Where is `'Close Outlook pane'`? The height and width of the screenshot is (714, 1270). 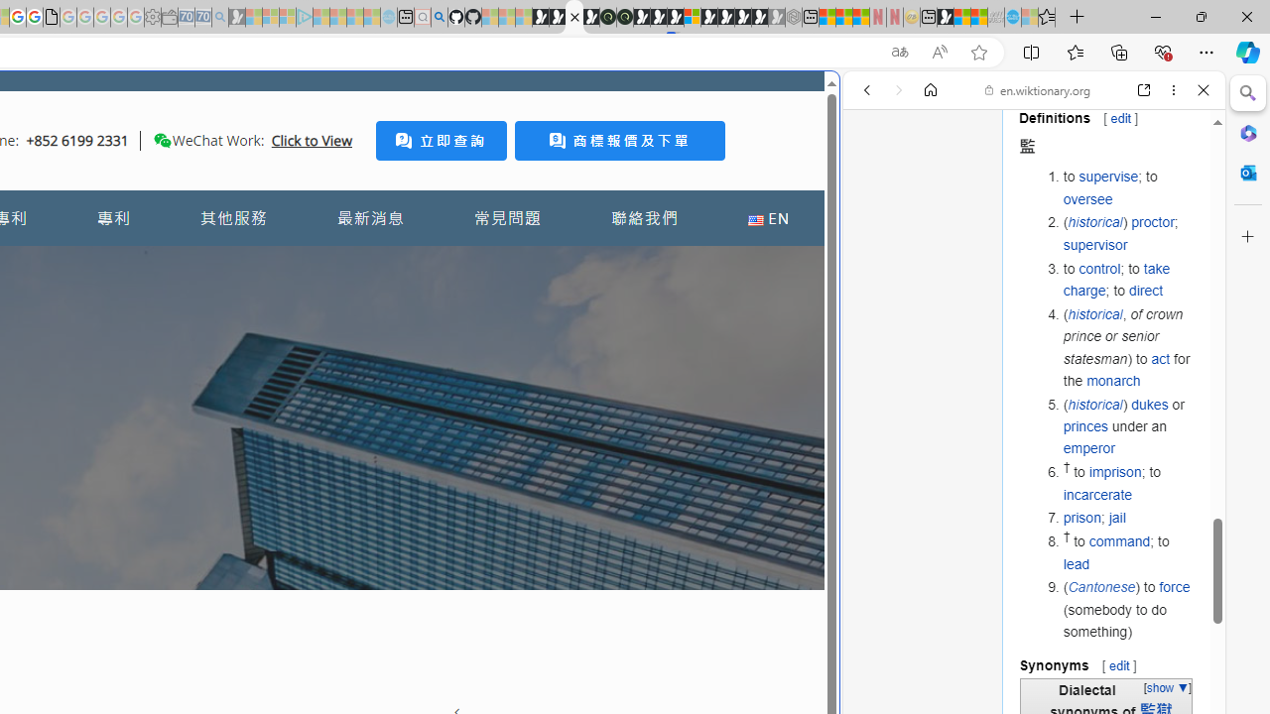
'Close Outlook pane' is located at coordinates (1247, 172).